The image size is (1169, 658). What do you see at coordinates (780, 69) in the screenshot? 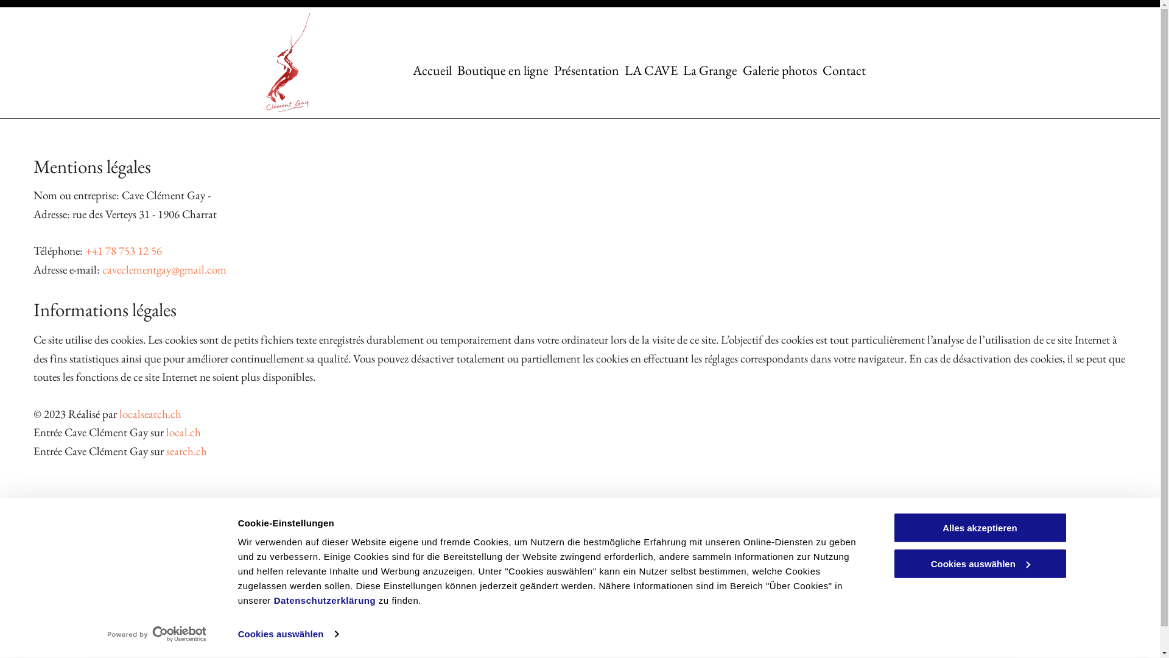
I see `'Galerie photos'` at bounding box center [780, 69].